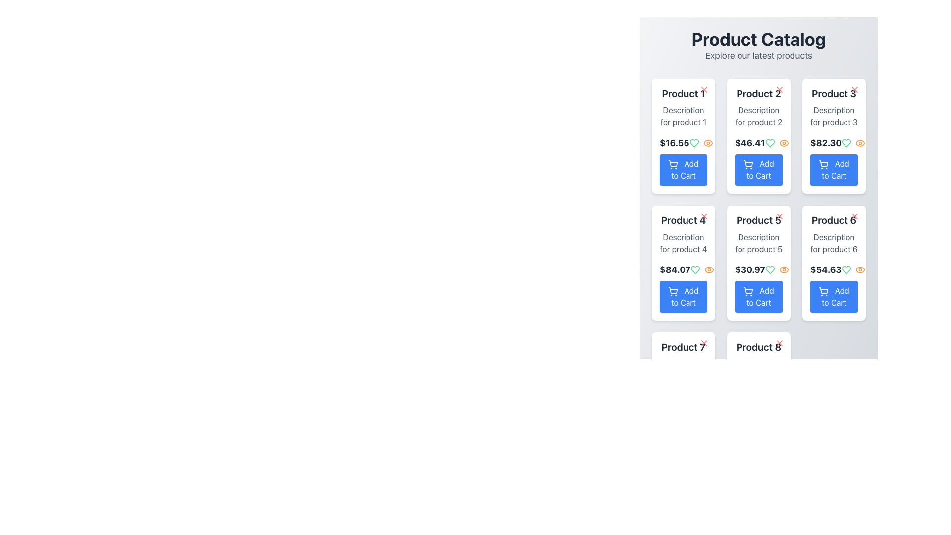 The height and width of the screenshot is (535, 951). Describe the element at coordinates (770, 269) in the screenshot. I see `the first green icon to the right of the price label for 'Product 5'` at that location.